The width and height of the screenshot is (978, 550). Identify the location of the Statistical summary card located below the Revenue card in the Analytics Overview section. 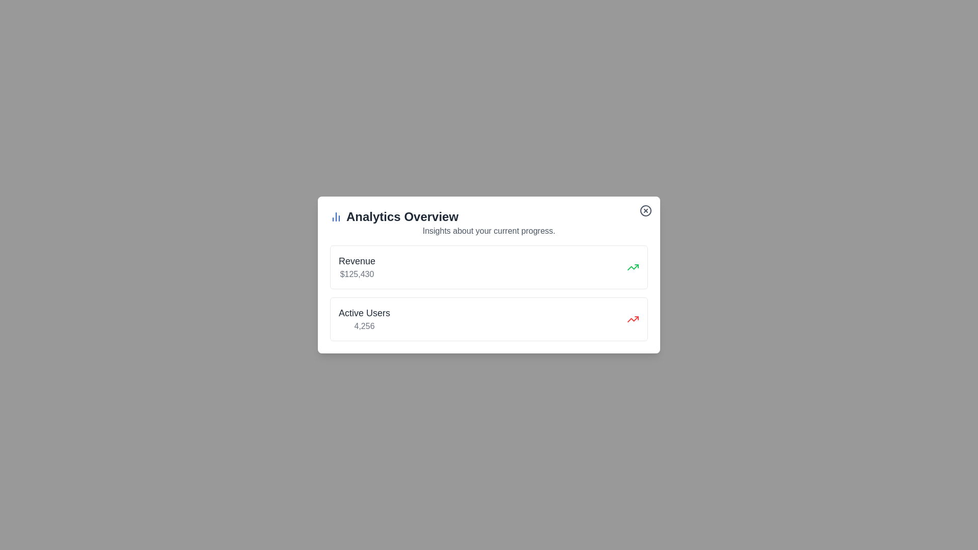
(489, 319).